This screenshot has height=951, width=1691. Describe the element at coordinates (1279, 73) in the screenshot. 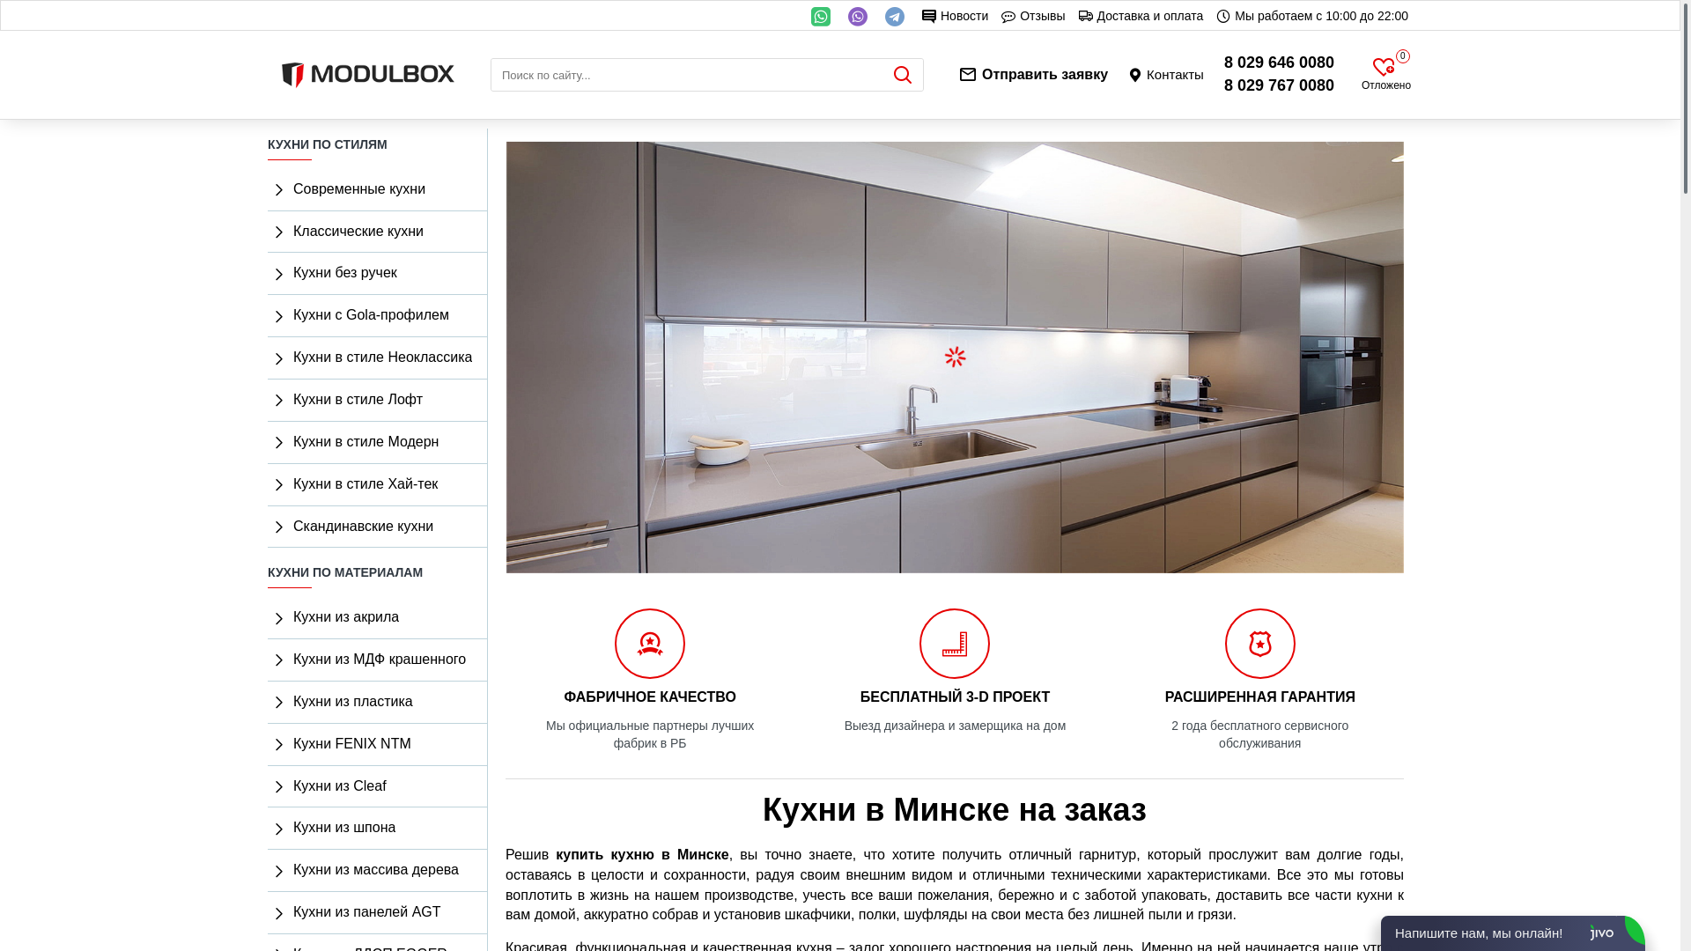

I see `'8 029 646 0080` at that location.